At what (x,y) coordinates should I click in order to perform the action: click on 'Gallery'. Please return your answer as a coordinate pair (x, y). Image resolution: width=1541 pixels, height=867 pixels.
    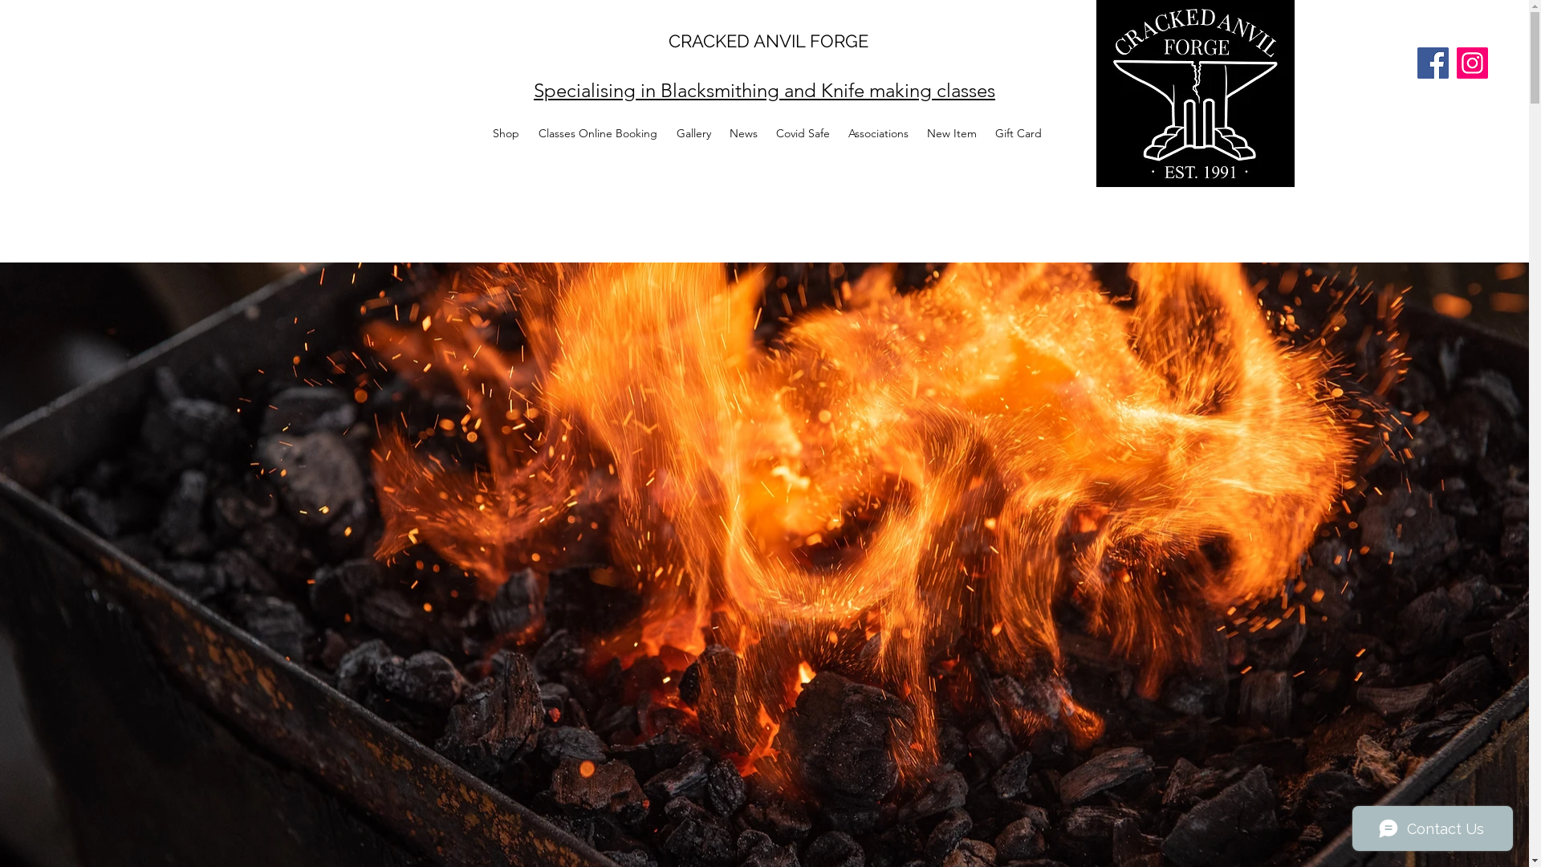
    Looking at the image, I should click on (693, 132).